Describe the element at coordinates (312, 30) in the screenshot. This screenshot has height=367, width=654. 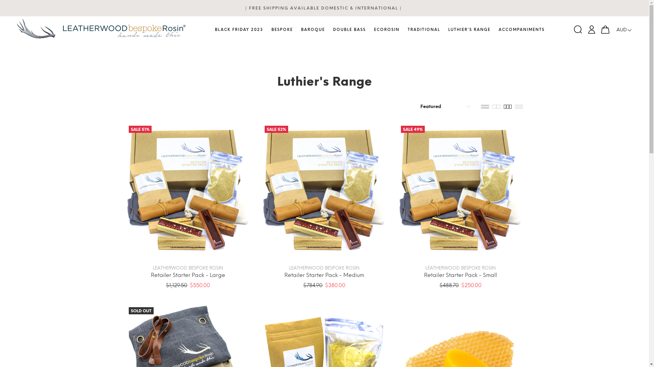
I see `'BAROQUE'` at that location.